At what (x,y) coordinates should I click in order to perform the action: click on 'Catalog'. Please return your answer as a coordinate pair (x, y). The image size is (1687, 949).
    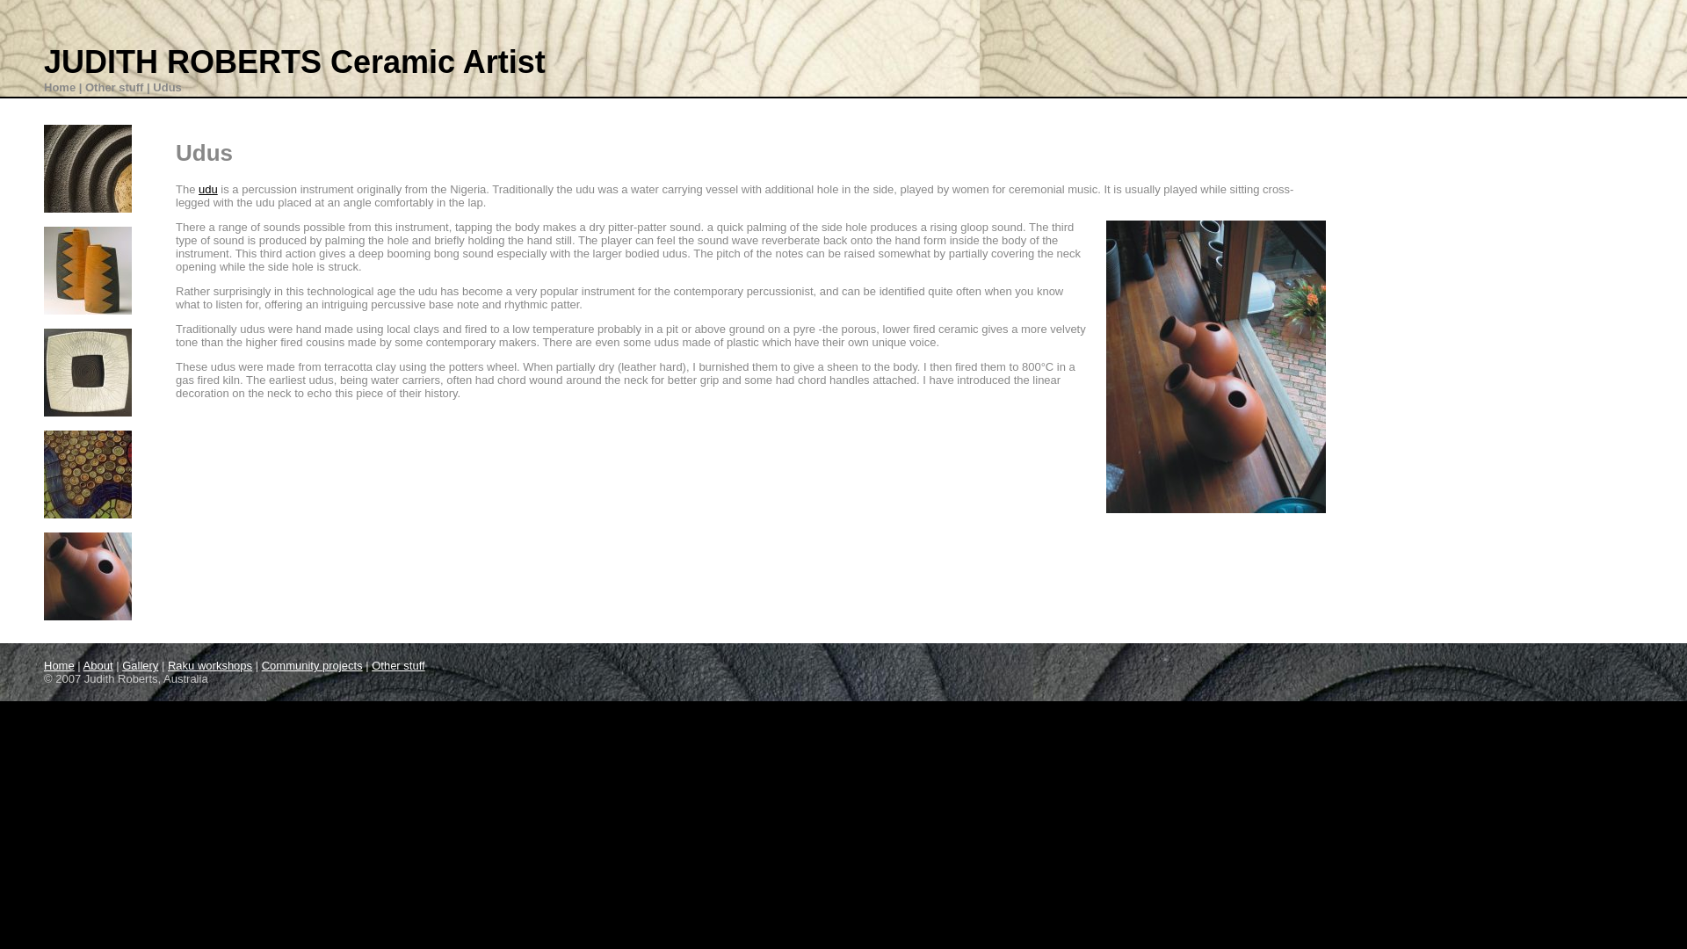
    Looking at the image, I should click on (87, 271).